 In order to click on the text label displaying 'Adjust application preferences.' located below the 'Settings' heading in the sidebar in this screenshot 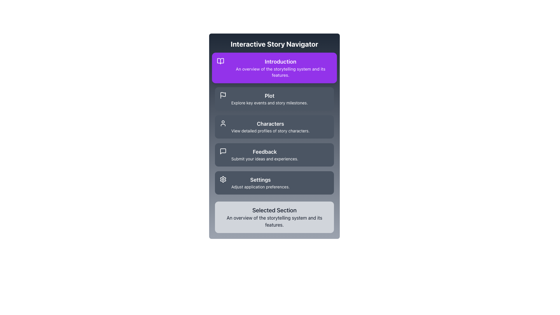, I will do `click(260, 187)`.